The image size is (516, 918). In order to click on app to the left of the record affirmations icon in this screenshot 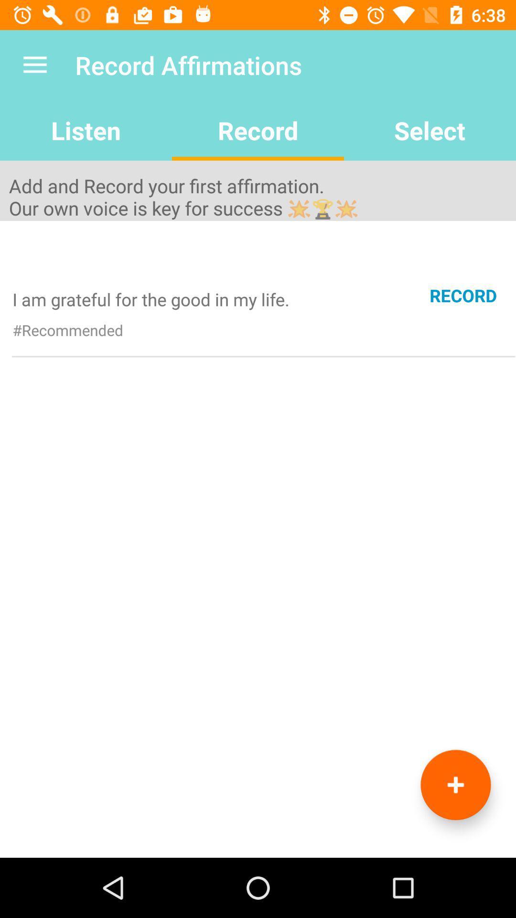, I will do `click(34, 65)`.